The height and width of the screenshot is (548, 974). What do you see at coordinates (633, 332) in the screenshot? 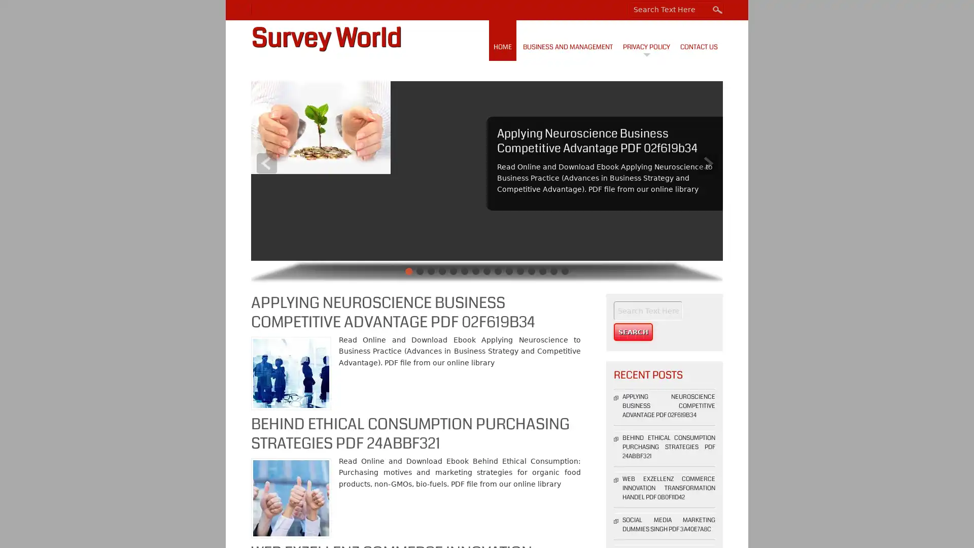
I see `Search` at bounding box center [633, 332].